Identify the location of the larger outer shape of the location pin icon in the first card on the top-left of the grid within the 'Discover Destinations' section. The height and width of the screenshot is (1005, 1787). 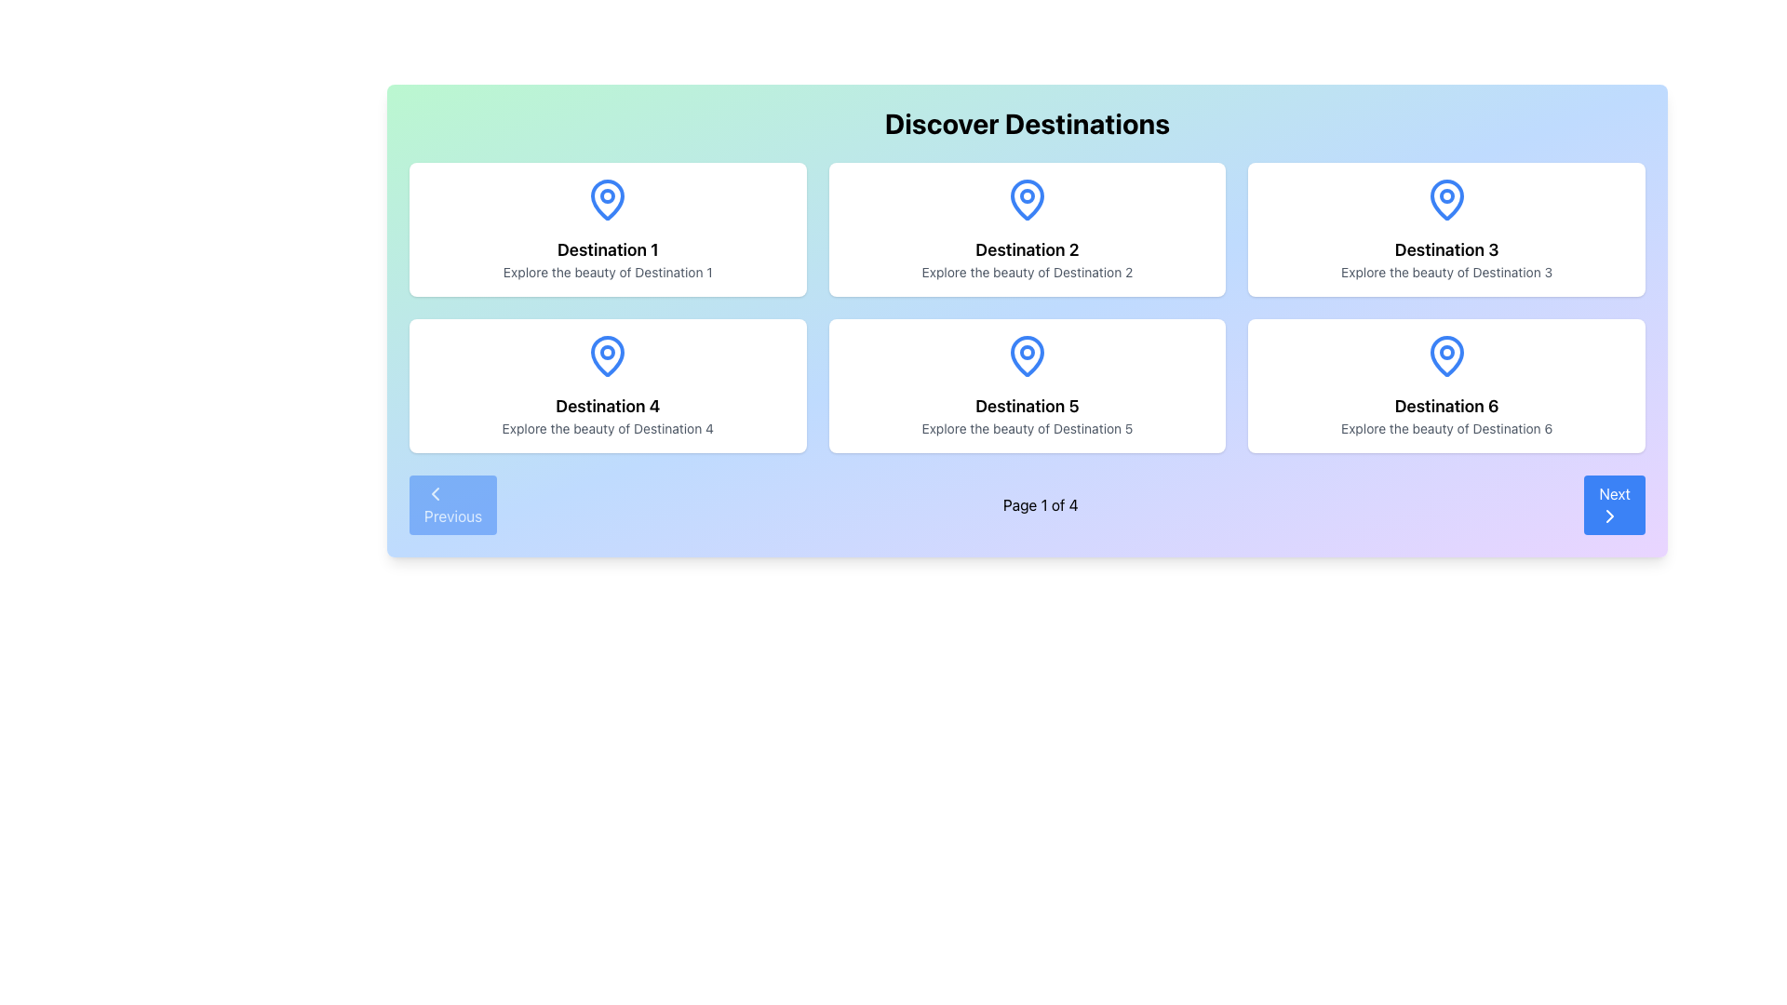
(608, 200).